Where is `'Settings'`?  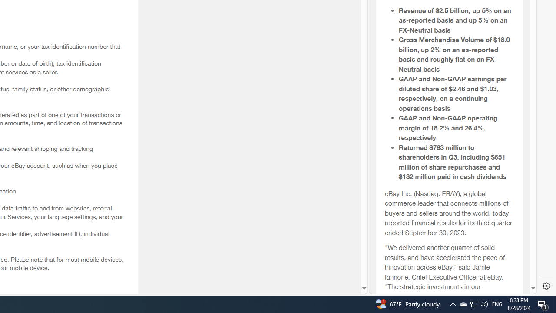
'Settings' is located at coordinates (546, 286).